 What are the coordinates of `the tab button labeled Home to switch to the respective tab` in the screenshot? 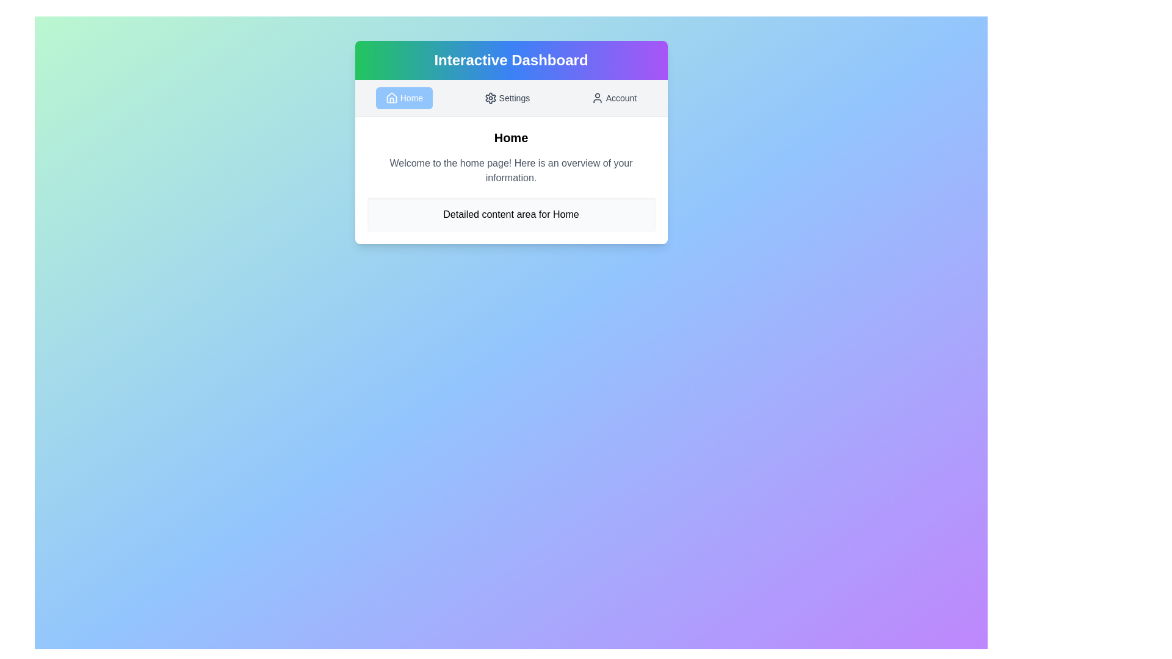 It's located at (404, 98).